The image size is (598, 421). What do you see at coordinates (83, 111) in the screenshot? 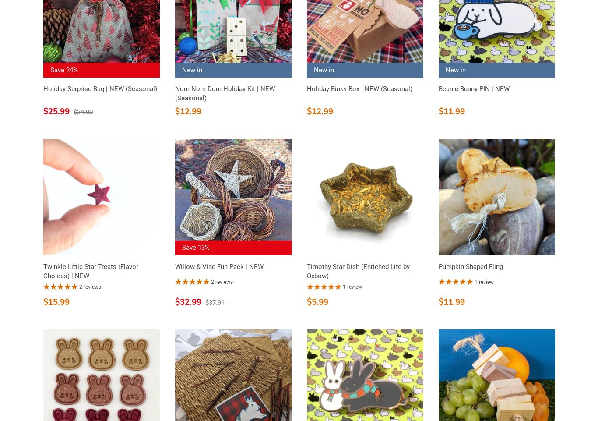
I see `'$34.00'` at bounding box center [83, 111].